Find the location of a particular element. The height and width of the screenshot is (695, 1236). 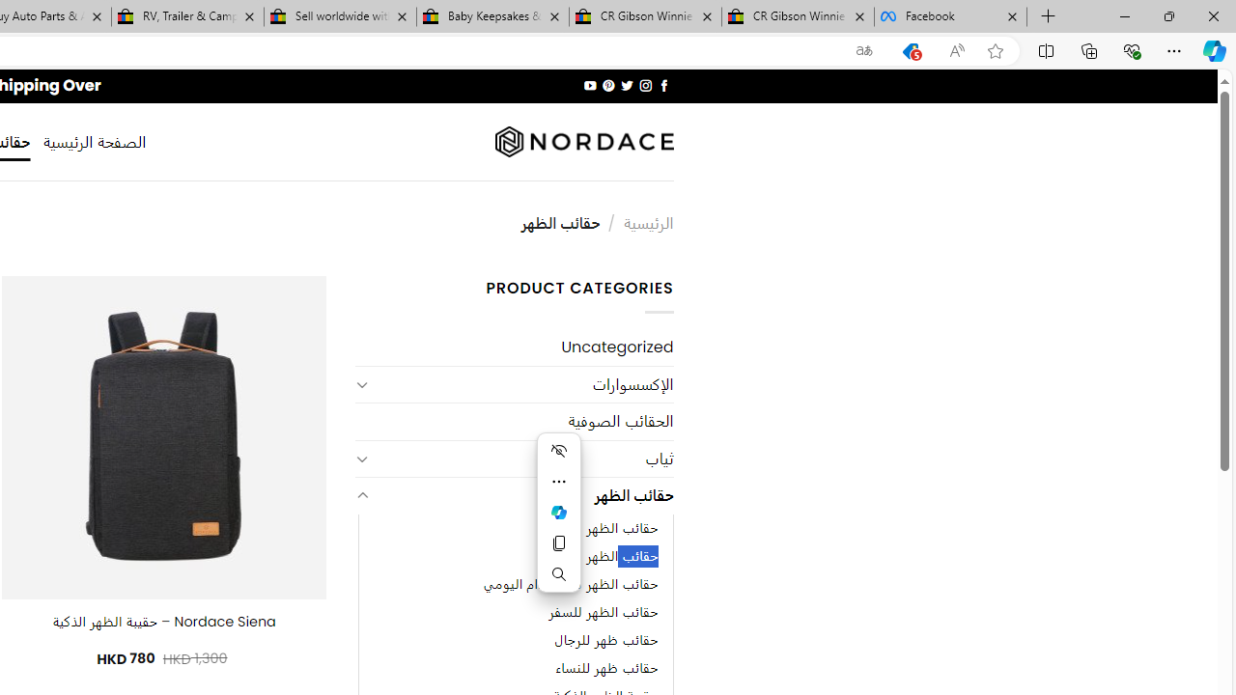

'This site has coupons! Shopping in Microsoft Edge, 5' is located at coordinates (910, 50).